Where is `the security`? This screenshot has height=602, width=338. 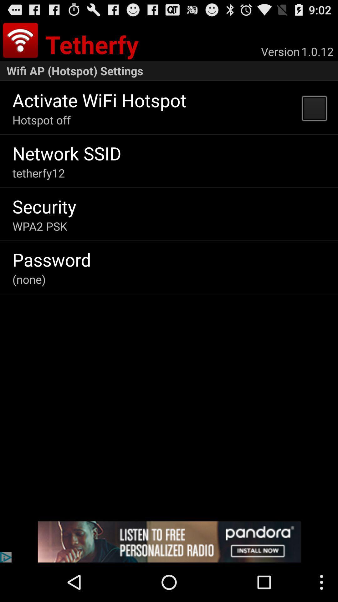
the security is located at coordinates (44, 206).